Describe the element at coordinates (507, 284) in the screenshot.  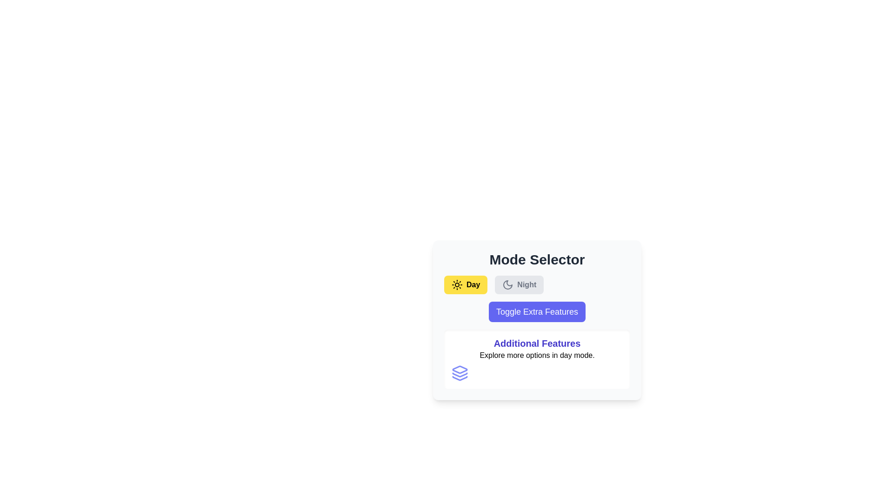
I see `the Night mode icon` at that location.